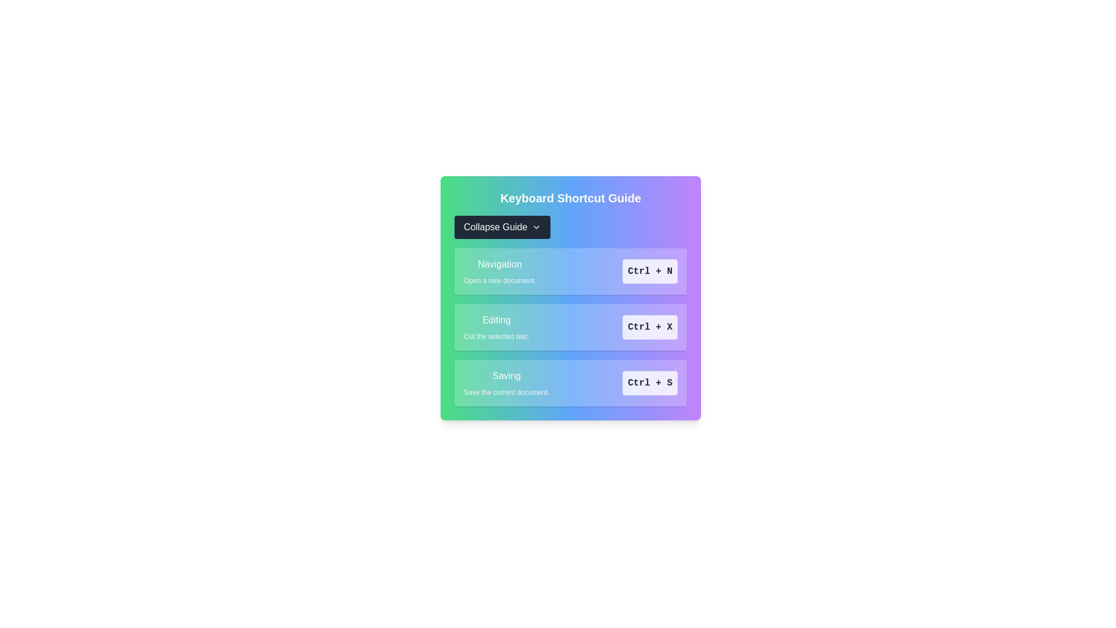 The width and height of the screenshot is (1116, 628). I want to click on information displayed in the informational item that instructs users to press 'Ctrl + S' for saving the document, which is the third item in a vertical stack of three containers, so click(571, 383).